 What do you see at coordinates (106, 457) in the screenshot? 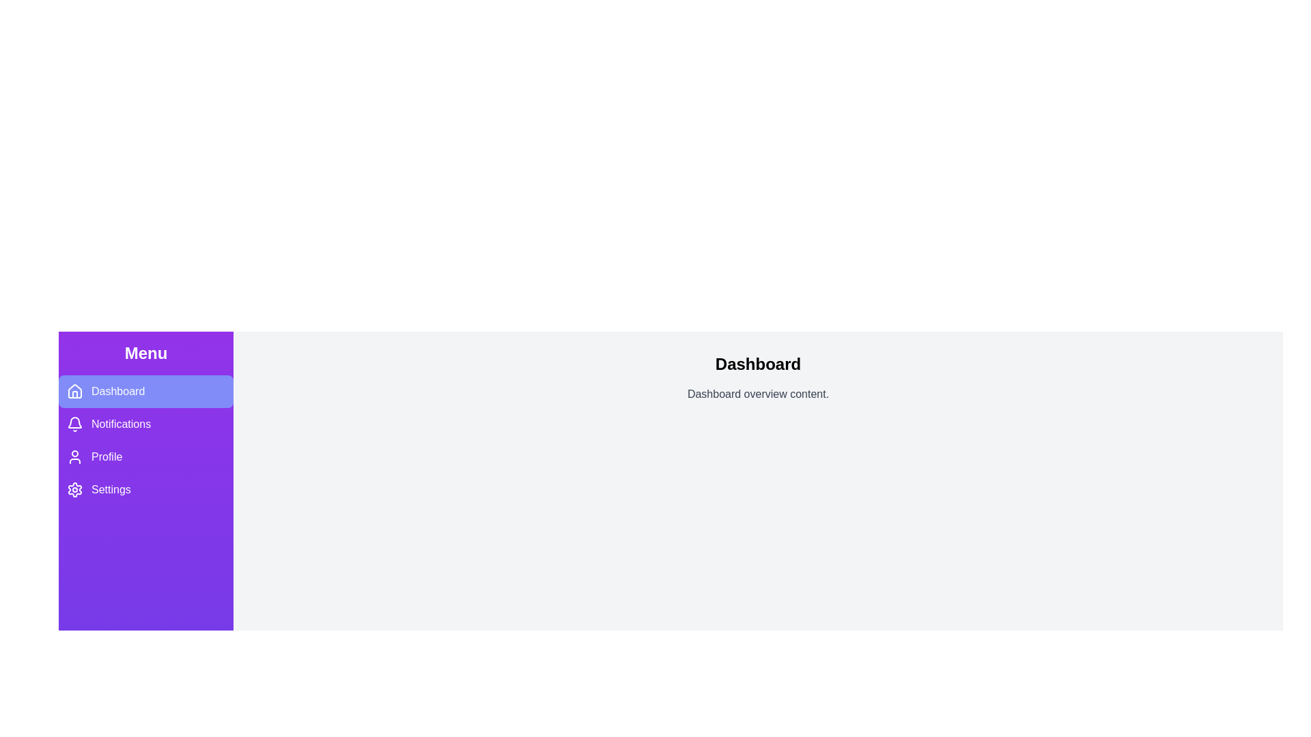
I see `the 'Profile' text label in the sidebar menu` at bounding box center [106, 457].